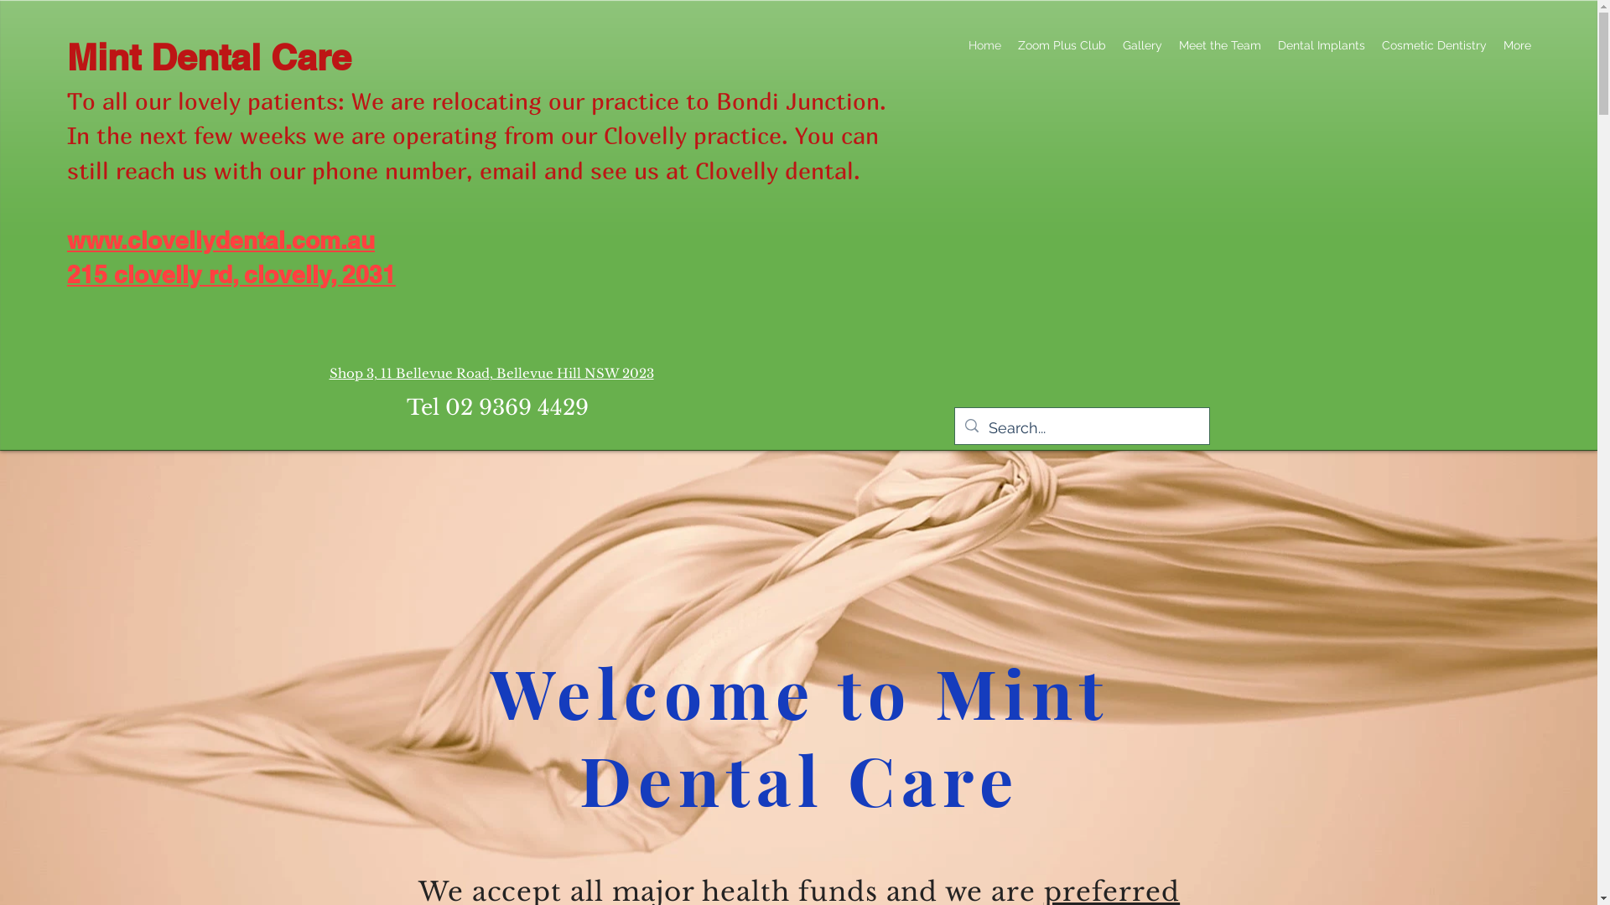  What do you see at coordinates (960, 44) in the screenshot?
I see `'Home'` at bounding box center [960, 44].